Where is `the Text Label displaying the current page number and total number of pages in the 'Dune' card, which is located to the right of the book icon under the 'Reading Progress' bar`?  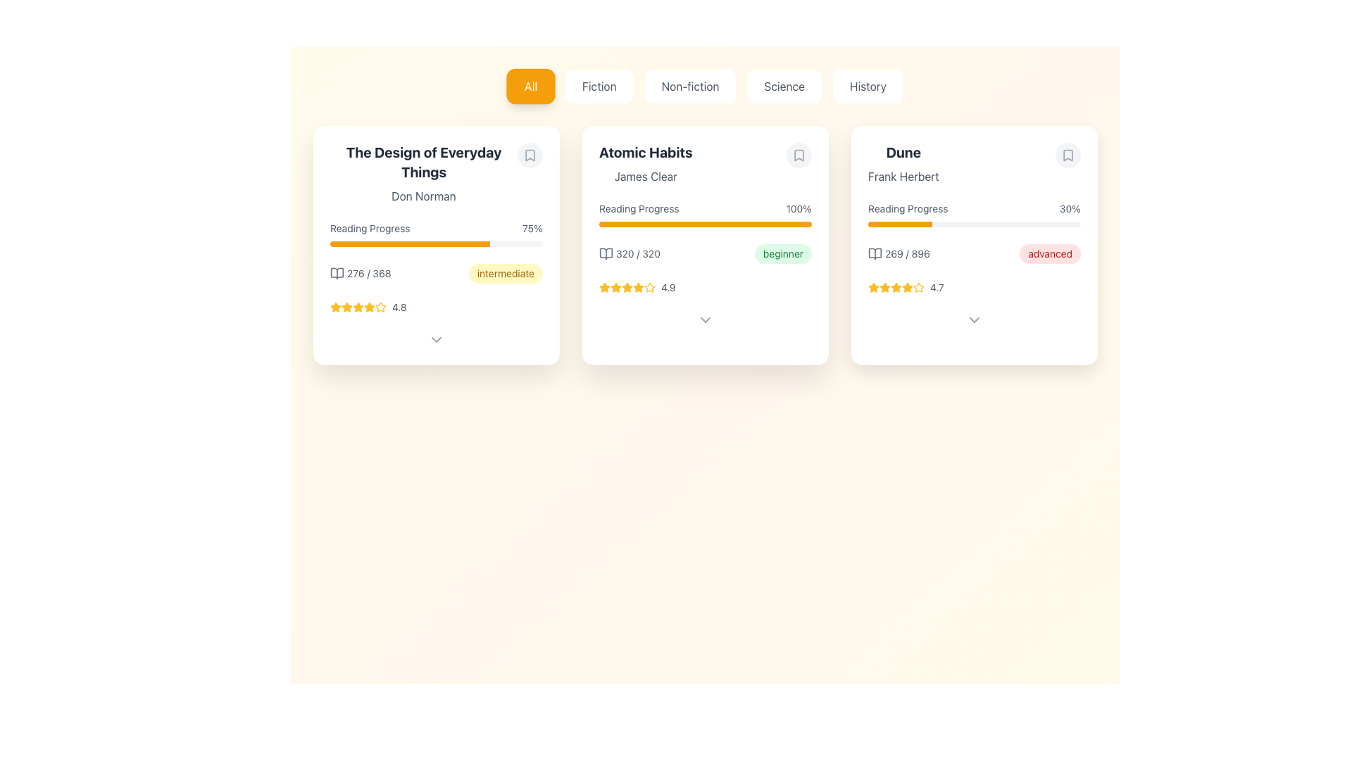 the Text Label displaying the current page number and total number of pages in the 'Dune' card, which is located to the right of the book icon under the 'Reading Progress' bar is located at coordinates (907, 254).